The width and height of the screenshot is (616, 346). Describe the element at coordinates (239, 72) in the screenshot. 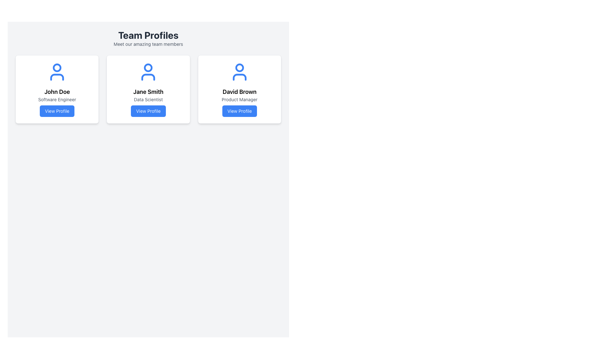

I see `the user SVG icon representing David Brown, which is located at the top center of the card, above the name and job title text` at that location.